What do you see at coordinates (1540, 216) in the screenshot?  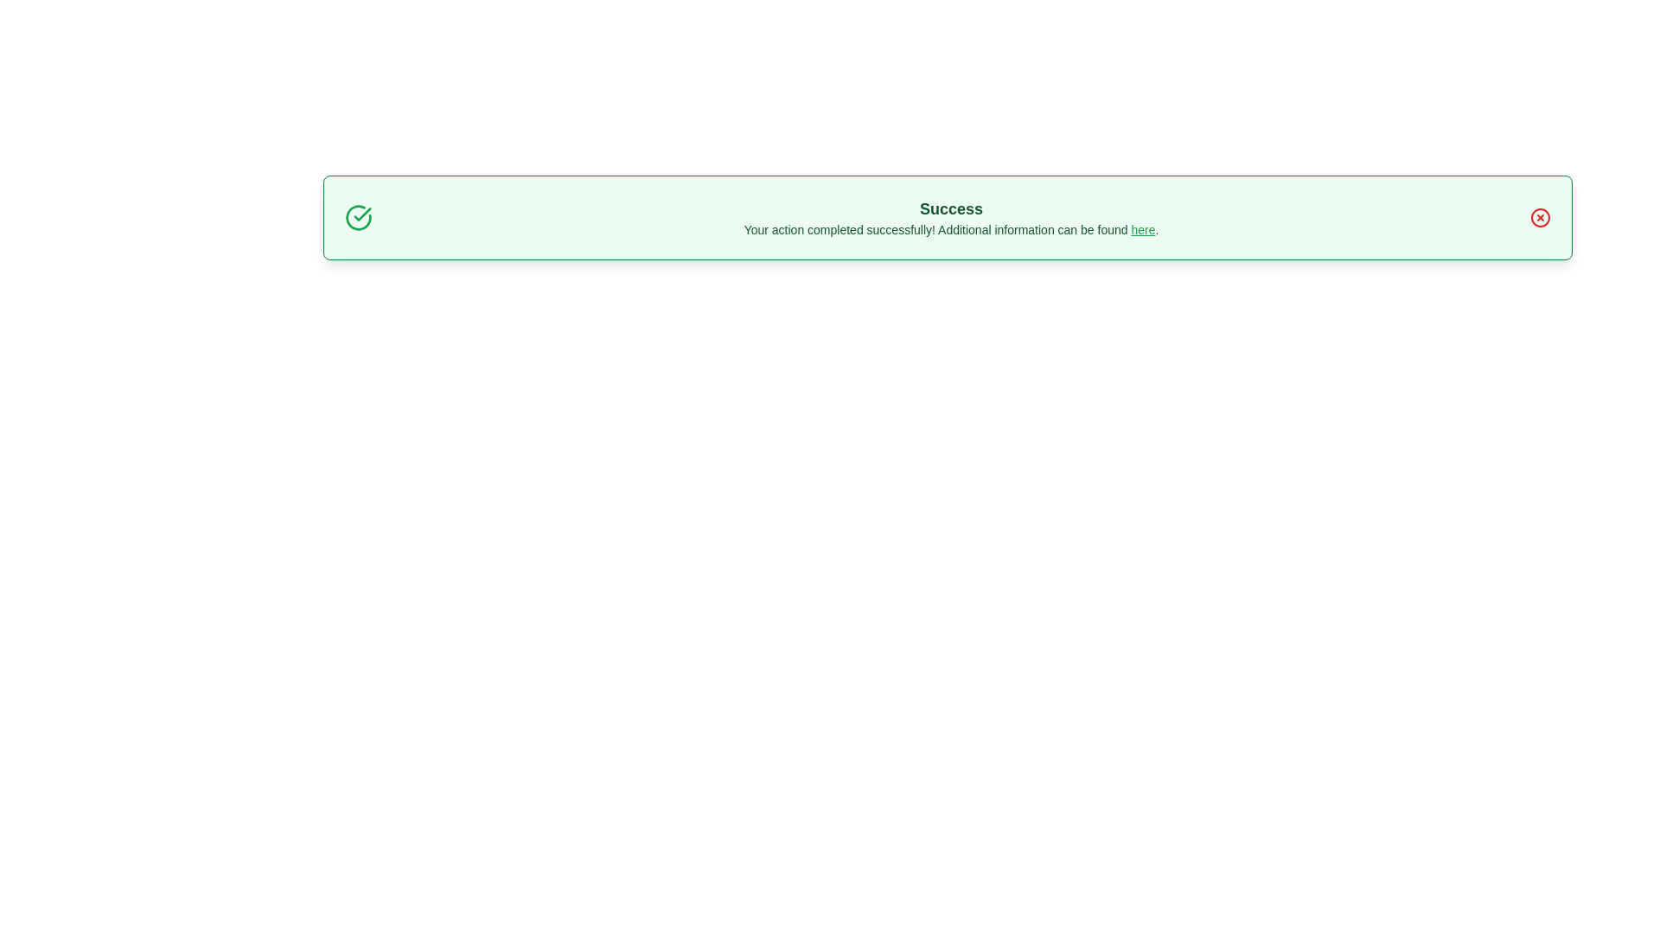 I see `close button to dismiss the notification` at bounding box center [1540, 216].